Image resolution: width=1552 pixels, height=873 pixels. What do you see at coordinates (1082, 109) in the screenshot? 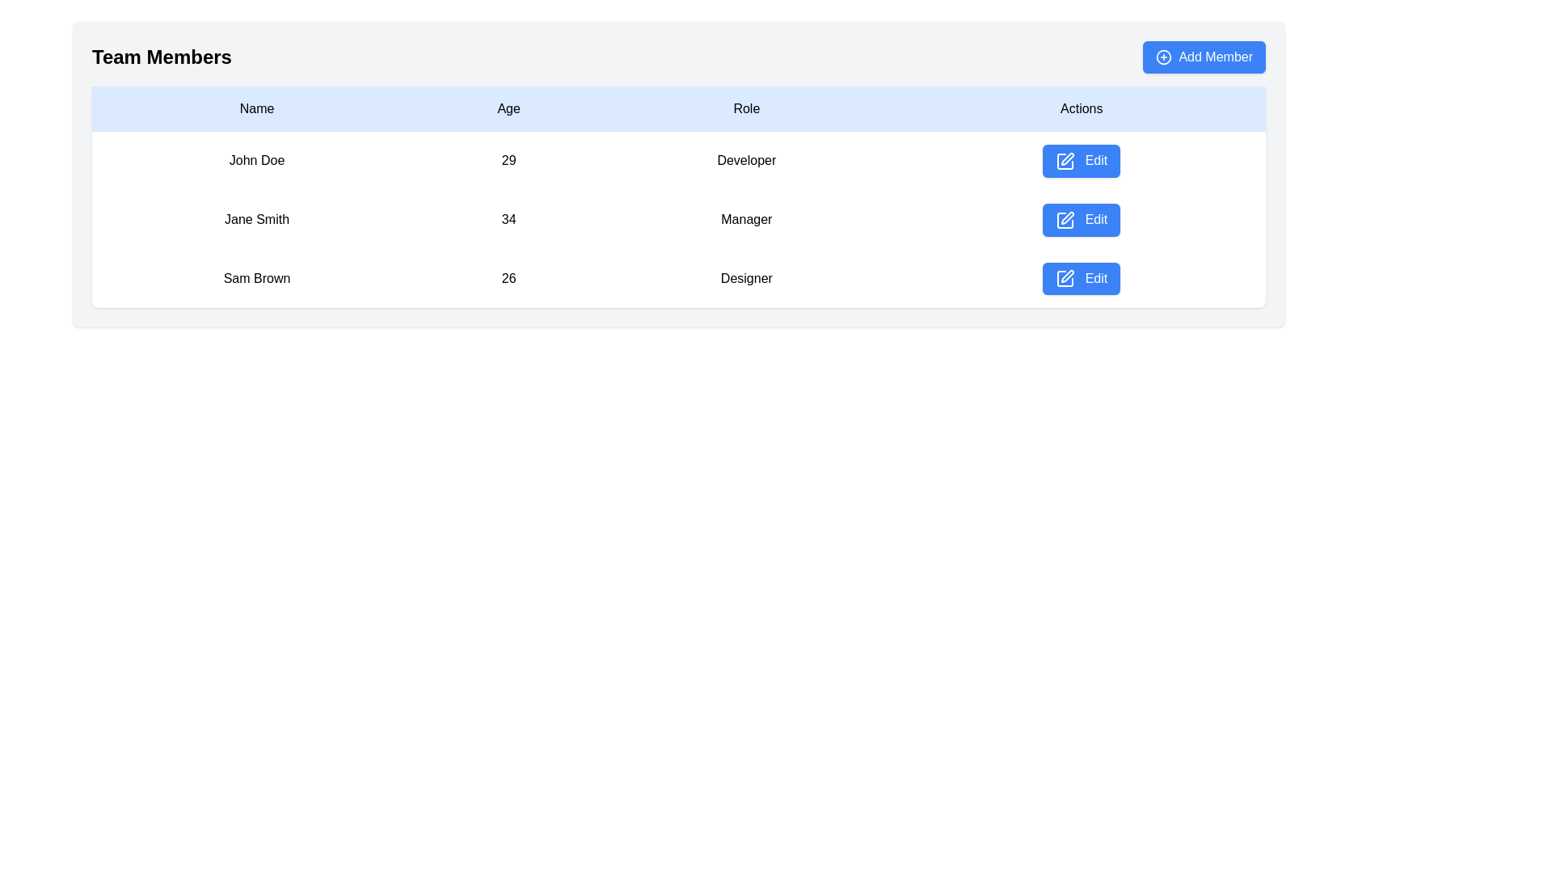
I see `the 'Actions' text label which serves as the header for the actions column in the table, located in the top-right quadrant of the header row` at bounding box center [1082, 109].